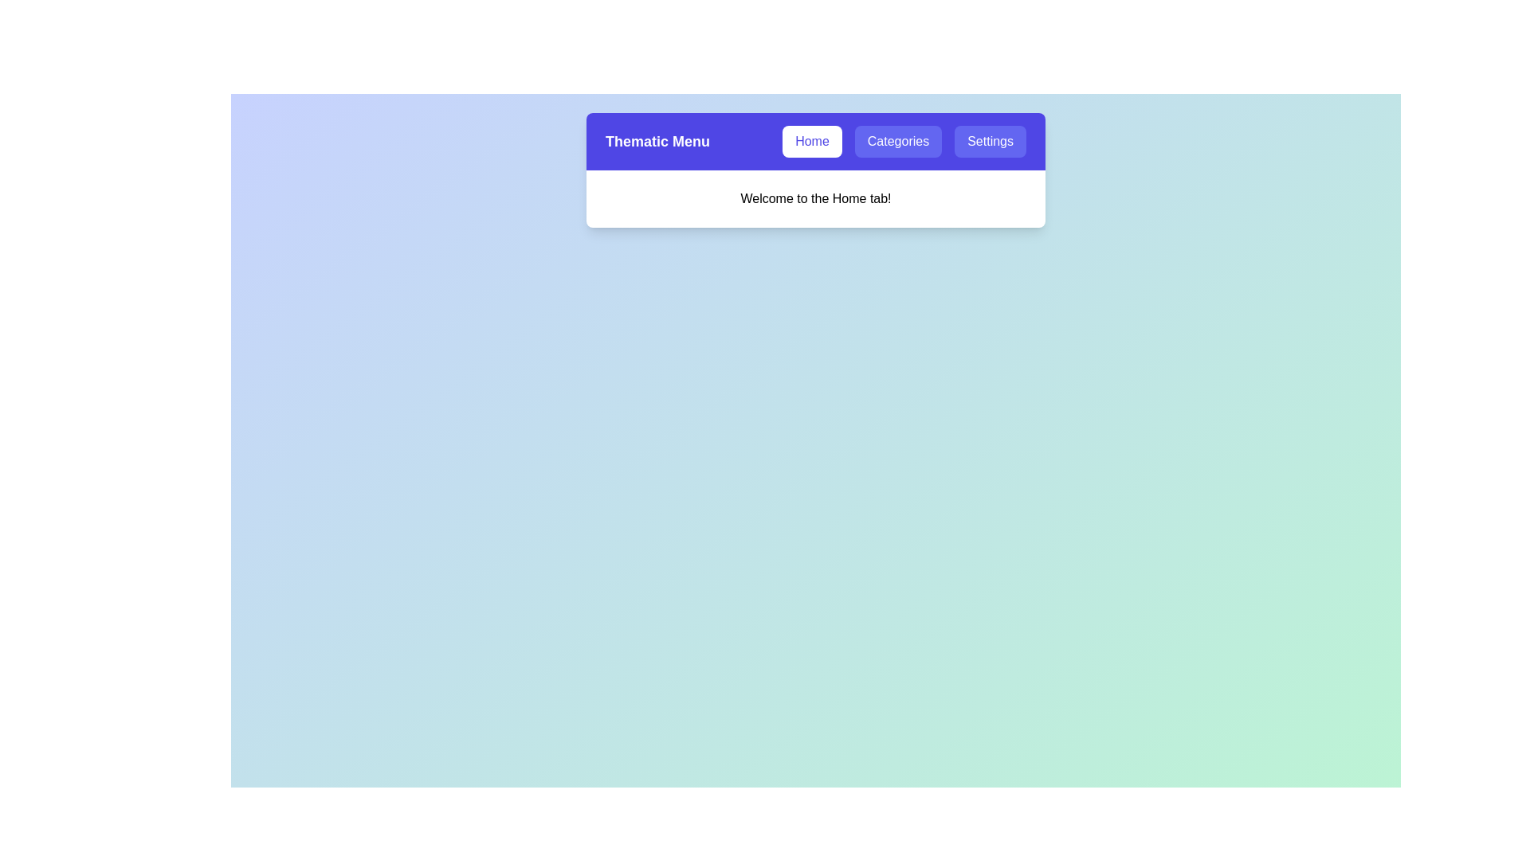 This screenshot has width=1530, height=860. I want to click on the Categories button to navigate to the corresponding tab, so click(898, 140).